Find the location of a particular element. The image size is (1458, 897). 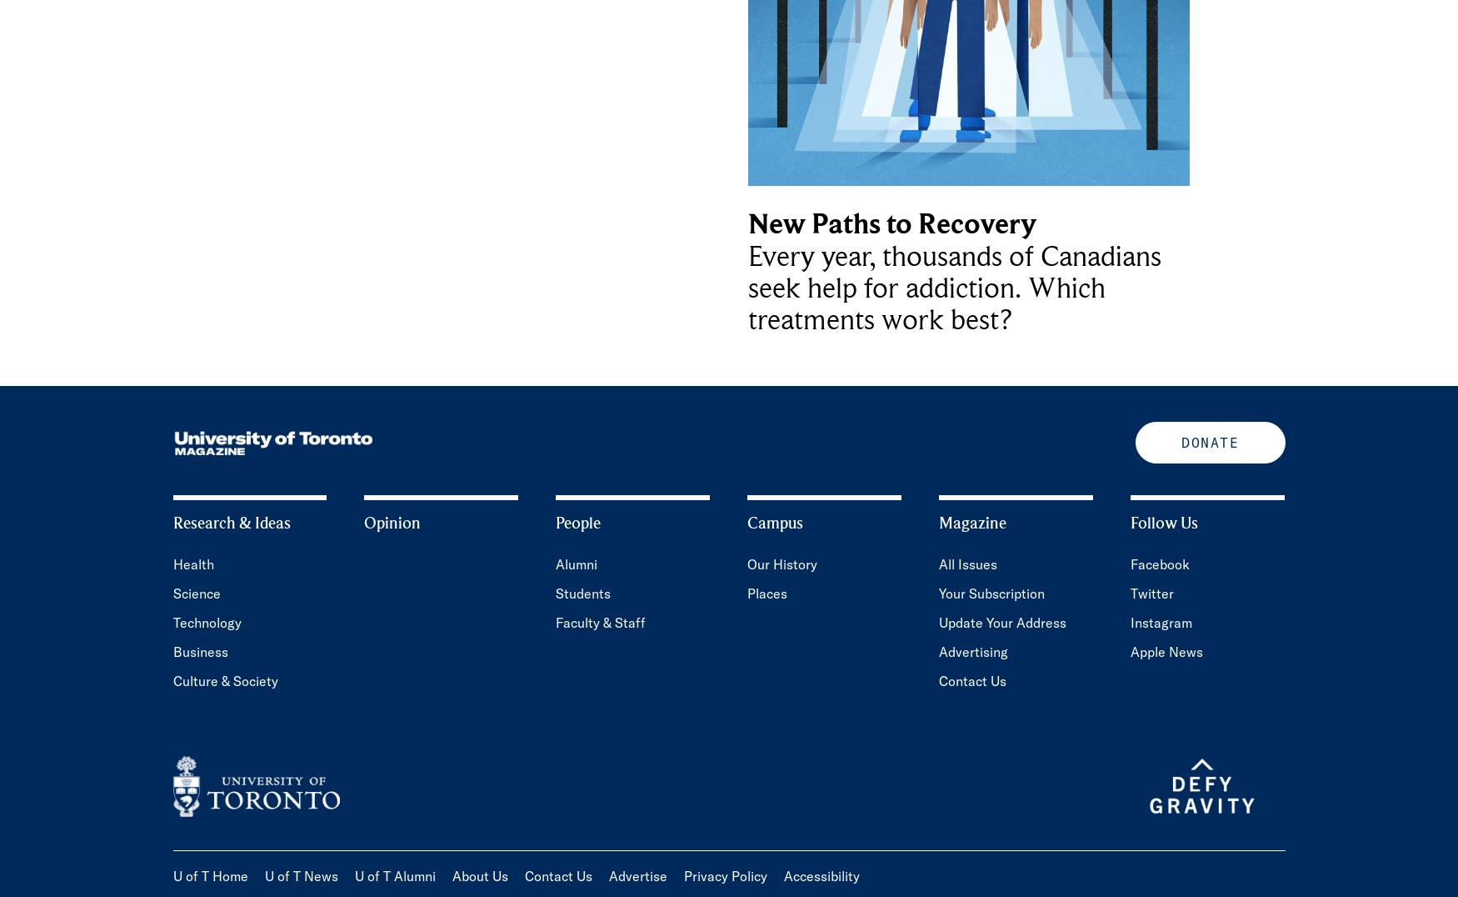

'Accessibility' is located at coordinates (821, 876).